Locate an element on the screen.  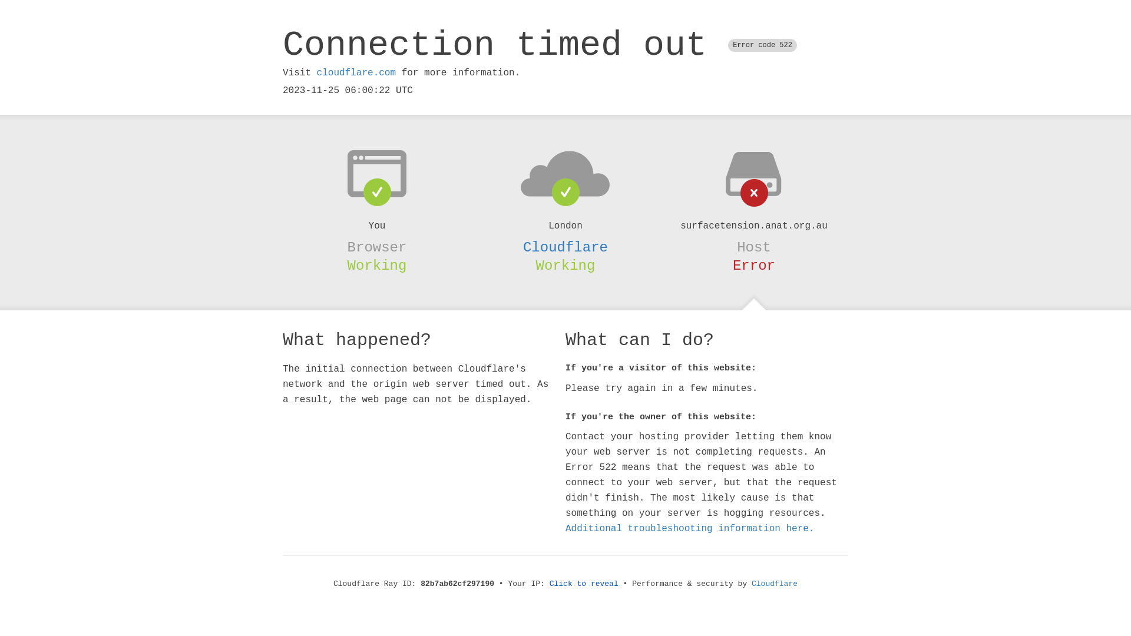
'Additional troubleshooting information here.' is located at coordinates (690, 528).